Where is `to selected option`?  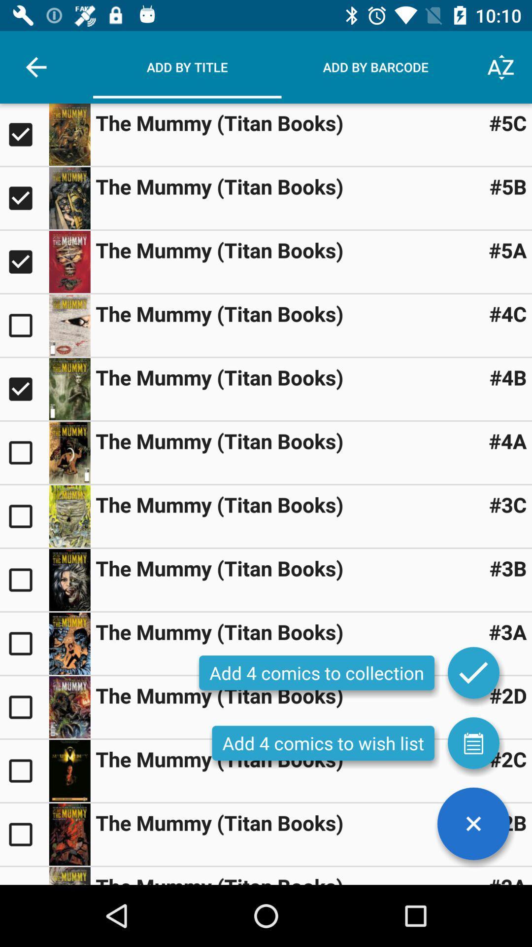 to selected option is located at coordinates (24, 452).